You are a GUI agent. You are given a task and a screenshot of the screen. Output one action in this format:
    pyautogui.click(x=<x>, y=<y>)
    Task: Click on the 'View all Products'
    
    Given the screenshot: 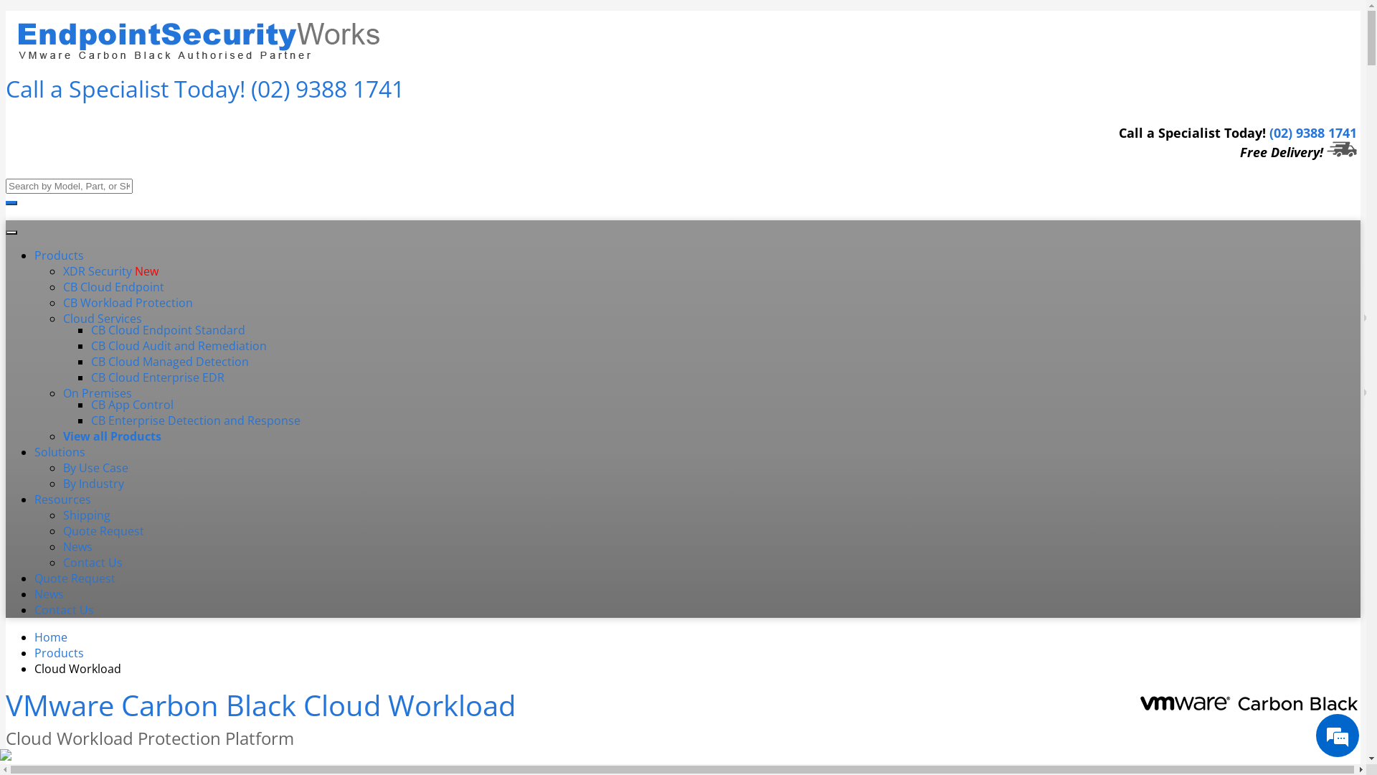 What is the action you would take?
    pyautogui.click(x=62, y=436)
    